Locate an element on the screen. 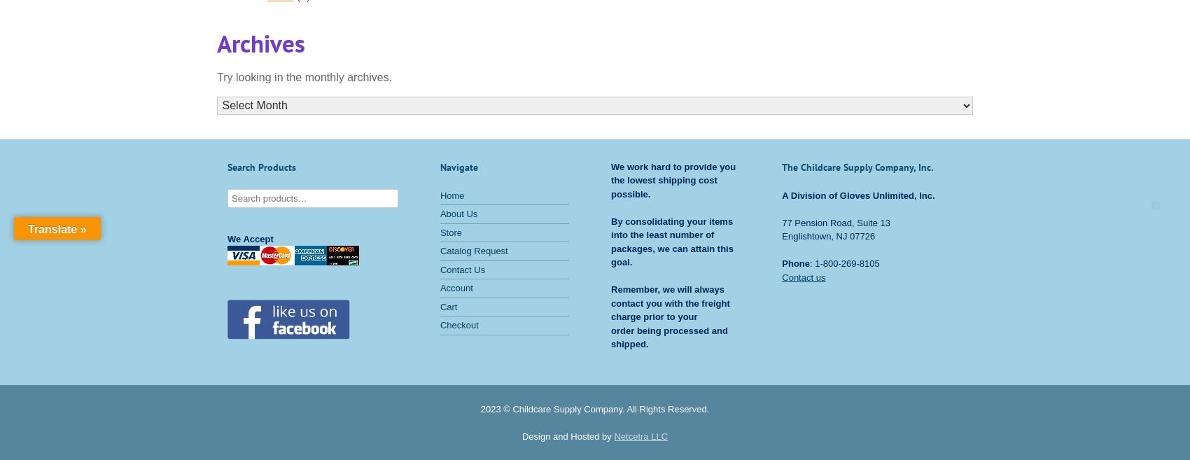  'Contact Us' is located at coordinates (462, 269).